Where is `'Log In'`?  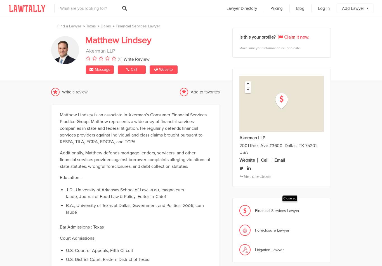 'Log In' is located at coordinates (324, 8).